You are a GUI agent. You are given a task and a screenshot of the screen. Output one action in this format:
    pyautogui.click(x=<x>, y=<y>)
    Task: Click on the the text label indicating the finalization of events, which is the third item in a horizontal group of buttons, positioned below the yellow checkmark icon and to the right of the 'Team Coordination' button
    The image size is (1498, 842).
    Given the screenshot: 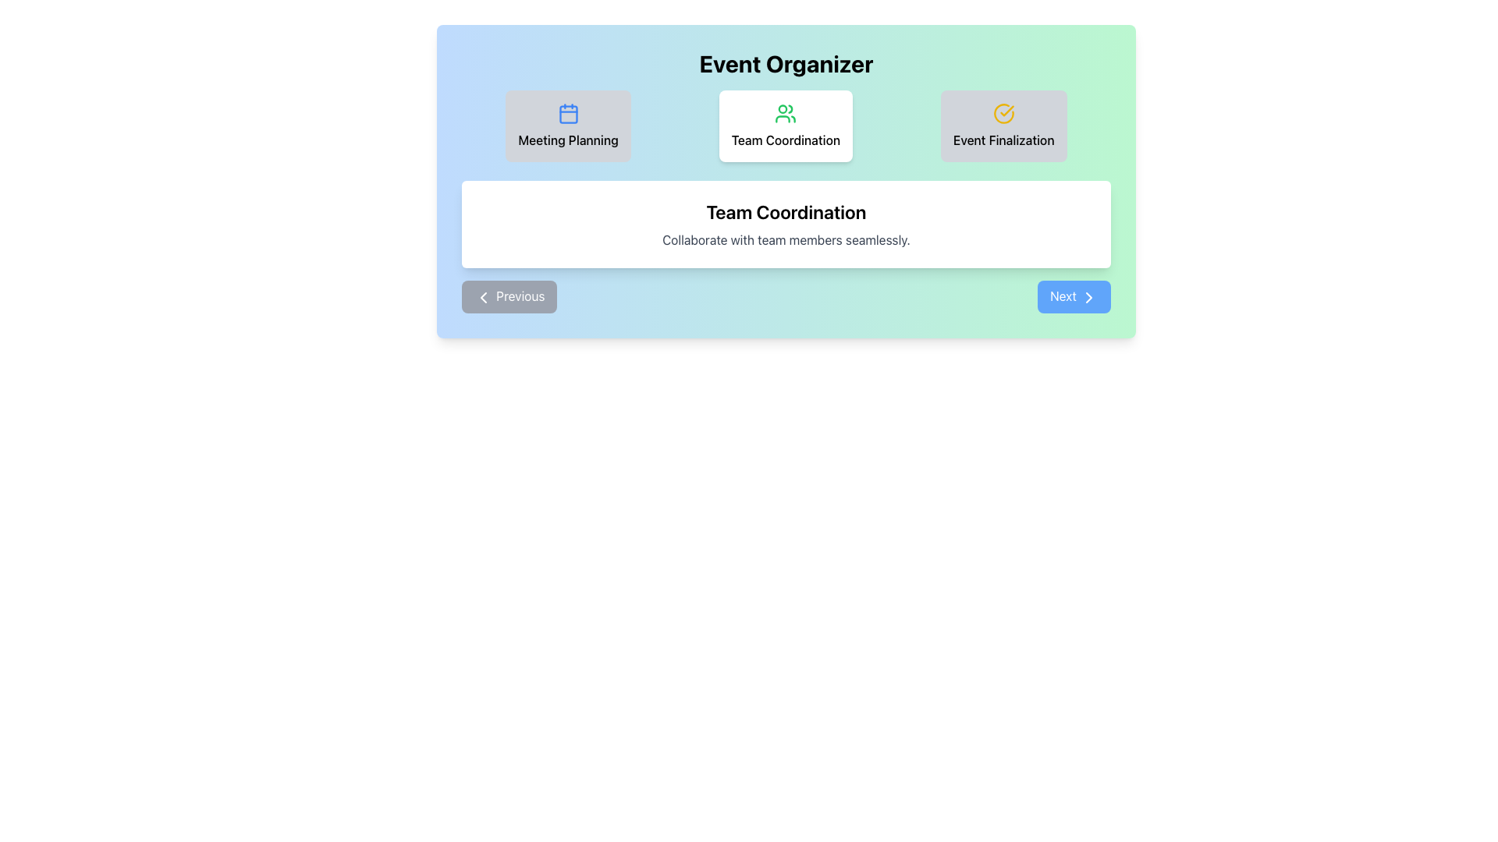 What is the action you would take?
    pyautogui.click(x=1003, y=140)
    